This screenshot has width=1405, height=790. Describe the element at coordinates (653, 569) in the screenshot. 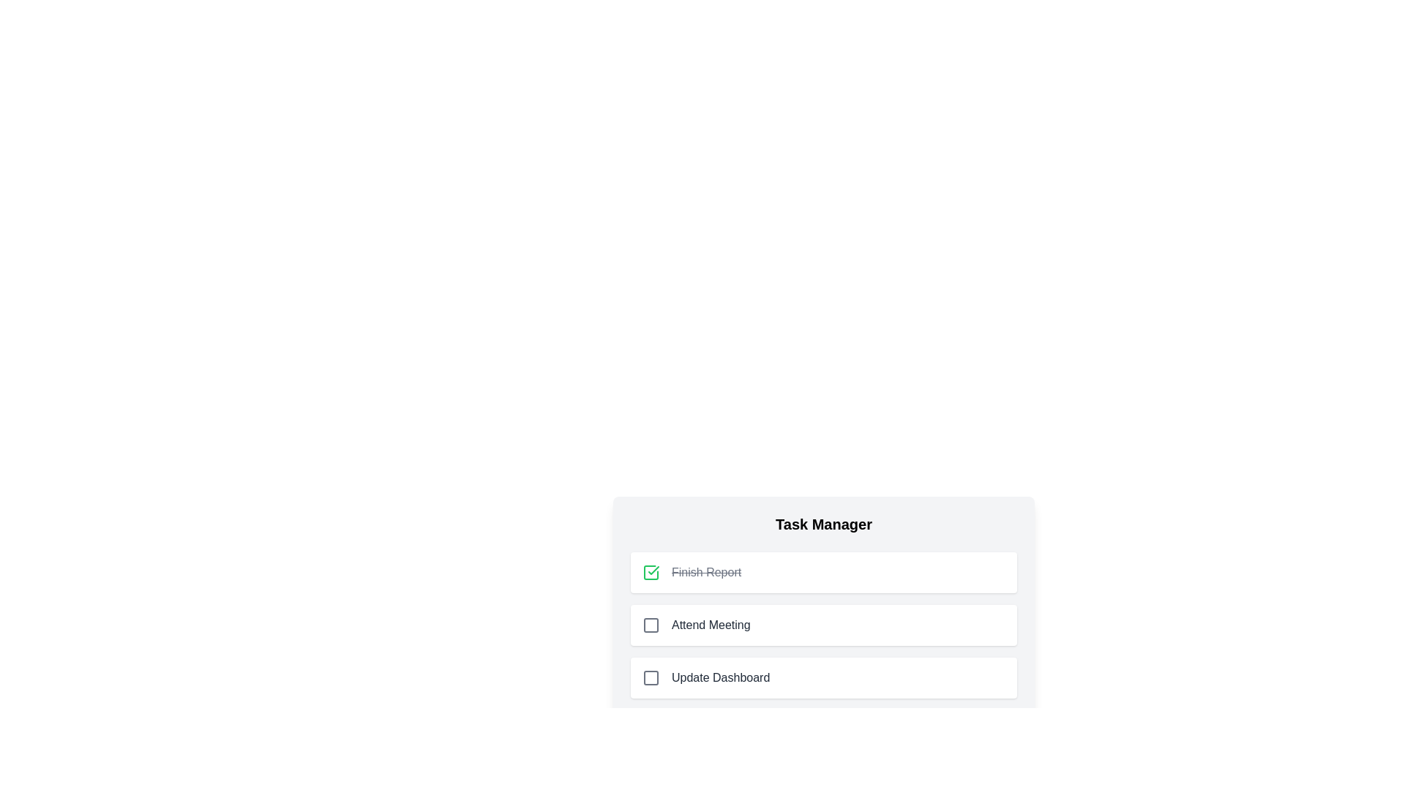

I see `the green checkmark icon associated with the 'Finish Report' task in the 'Task Manager' section to interact with the task status` at that location.